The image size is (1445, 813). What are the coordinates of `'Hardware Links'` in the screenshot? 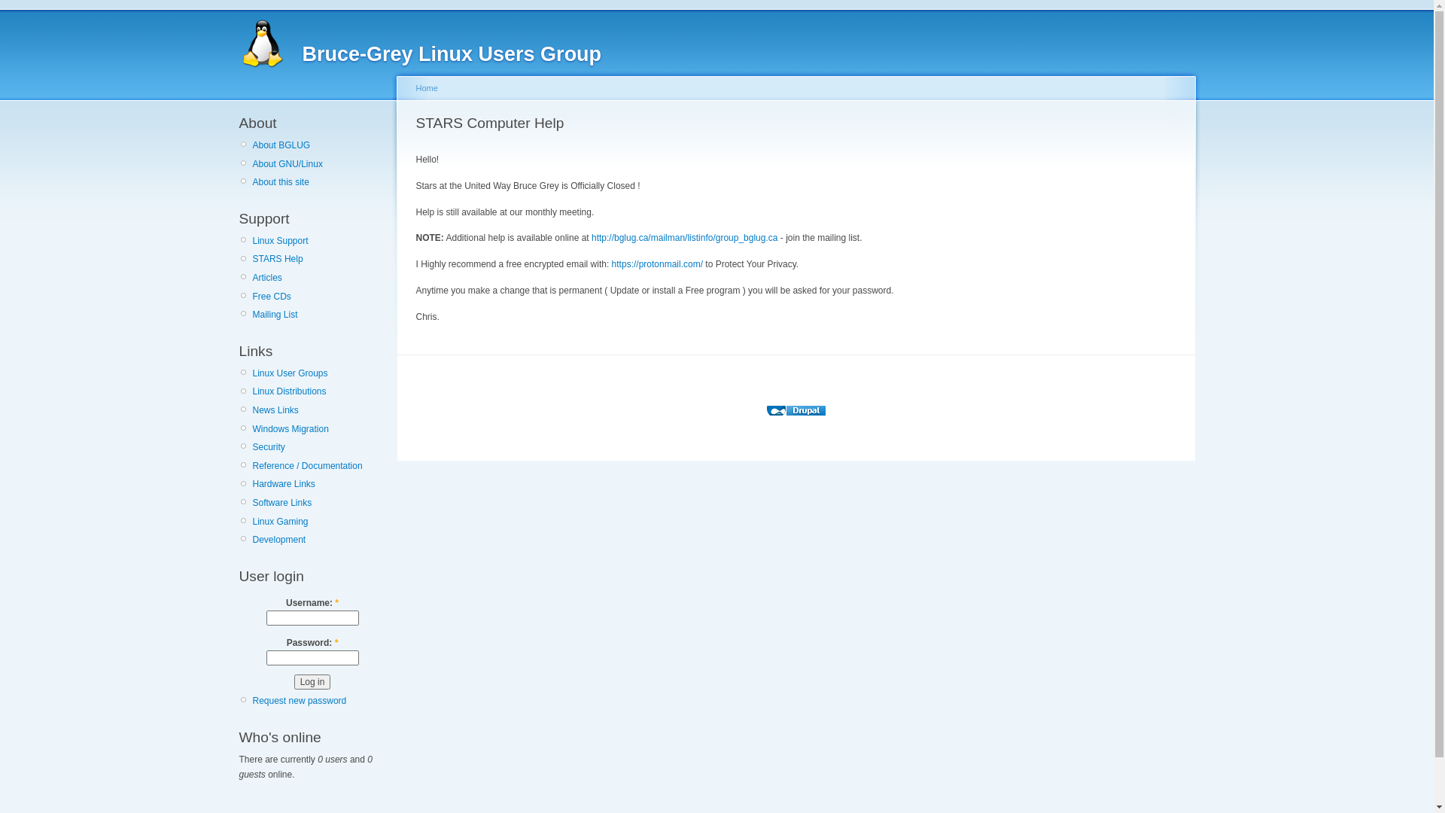 It's located at (318, 484).